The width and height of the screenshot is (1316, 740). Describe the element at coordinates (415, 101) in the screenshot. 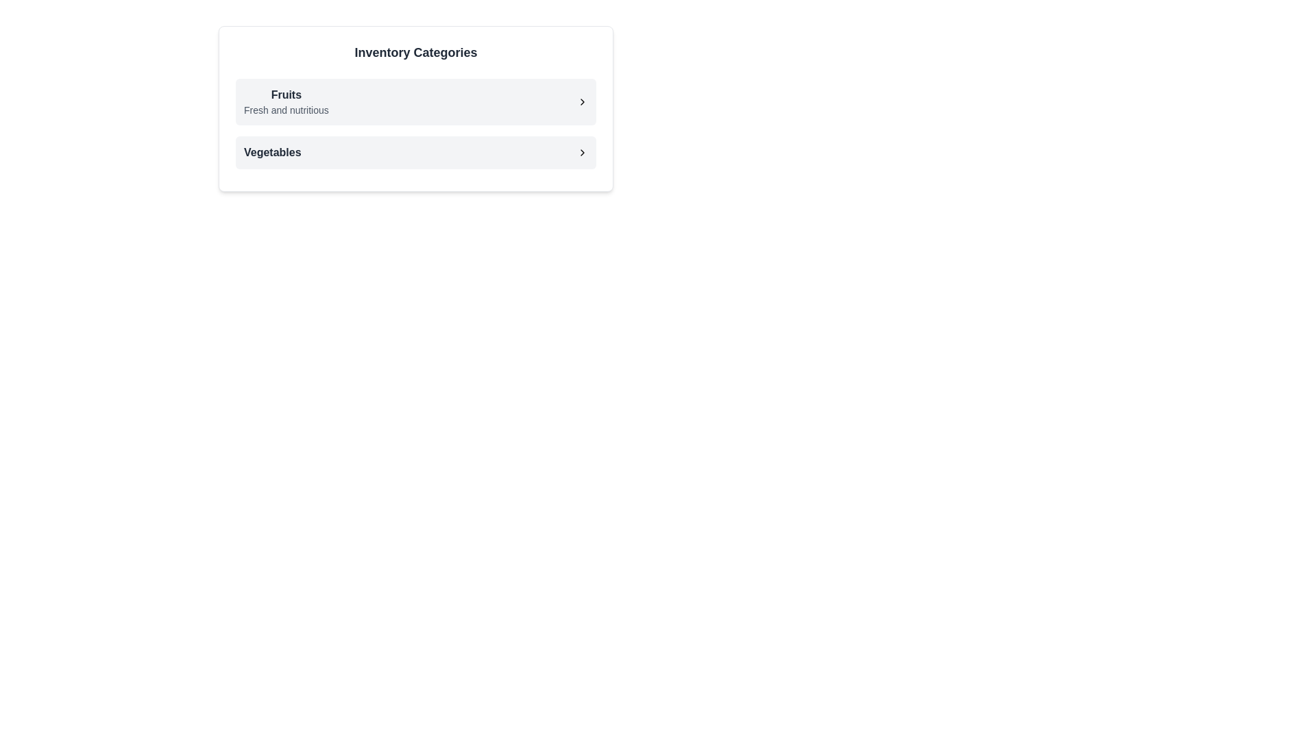

I see `to select the 'Fruits' category in the Inventory Categories list, which is the first entry above 'Vegetables'` at that location.